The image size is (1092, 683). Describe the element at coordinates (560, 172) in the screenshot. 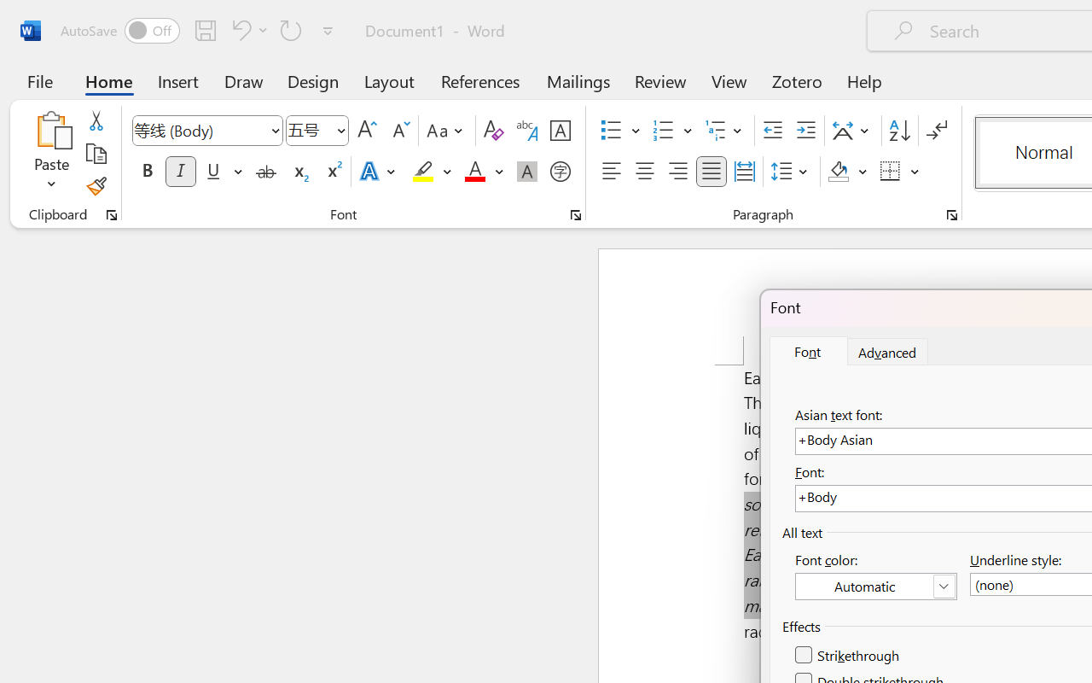

I see `'Enclose Characters...'` at that location.